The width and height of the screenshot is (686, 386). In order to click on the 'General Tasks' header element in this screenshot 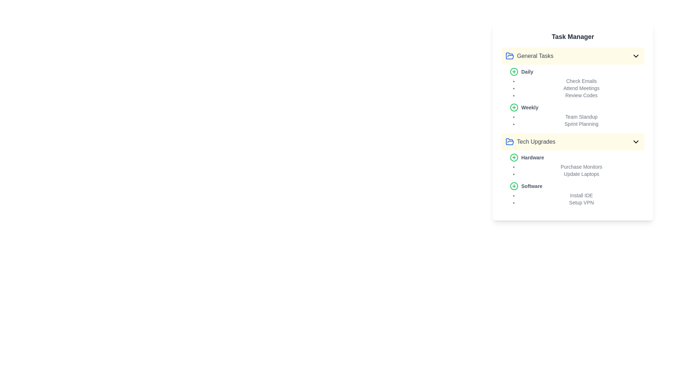, I will do `click(530, 56)`.